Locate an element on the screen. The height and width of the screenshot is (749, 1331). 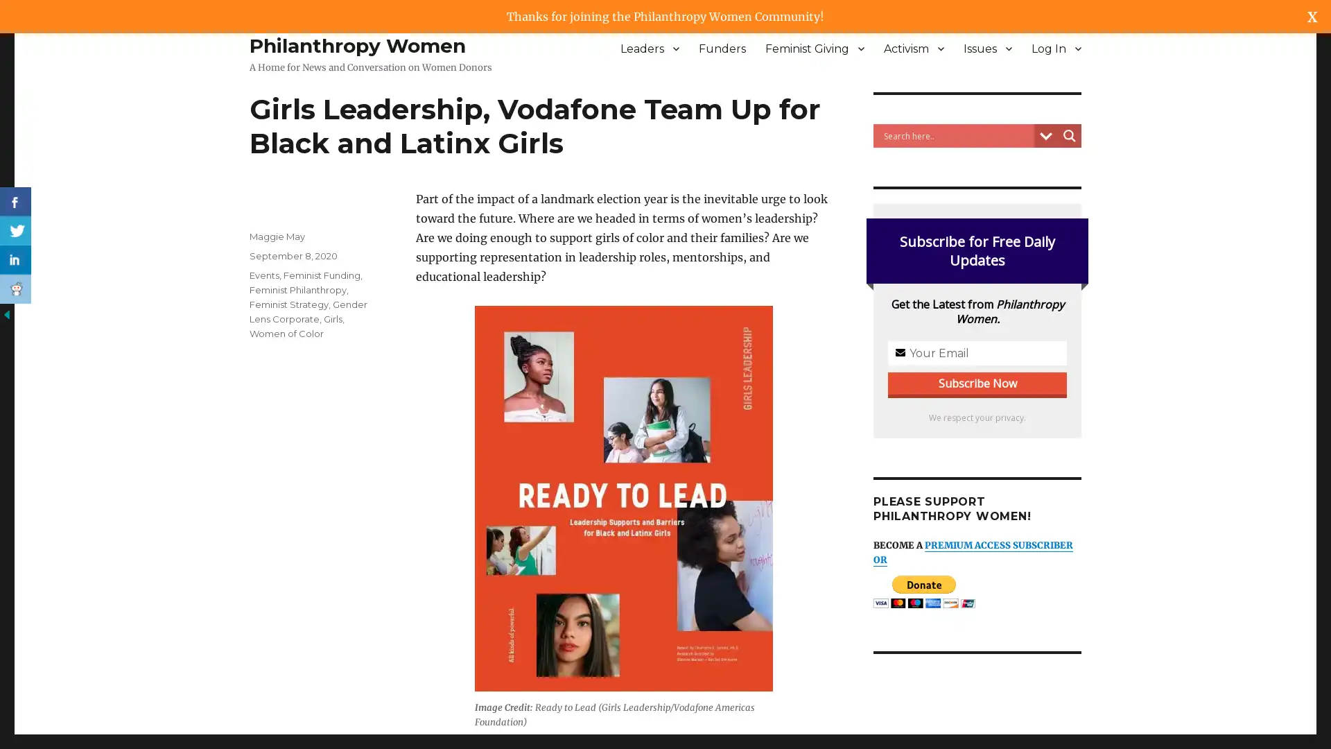
Subscribe Now is located at coordinates (665, 401).